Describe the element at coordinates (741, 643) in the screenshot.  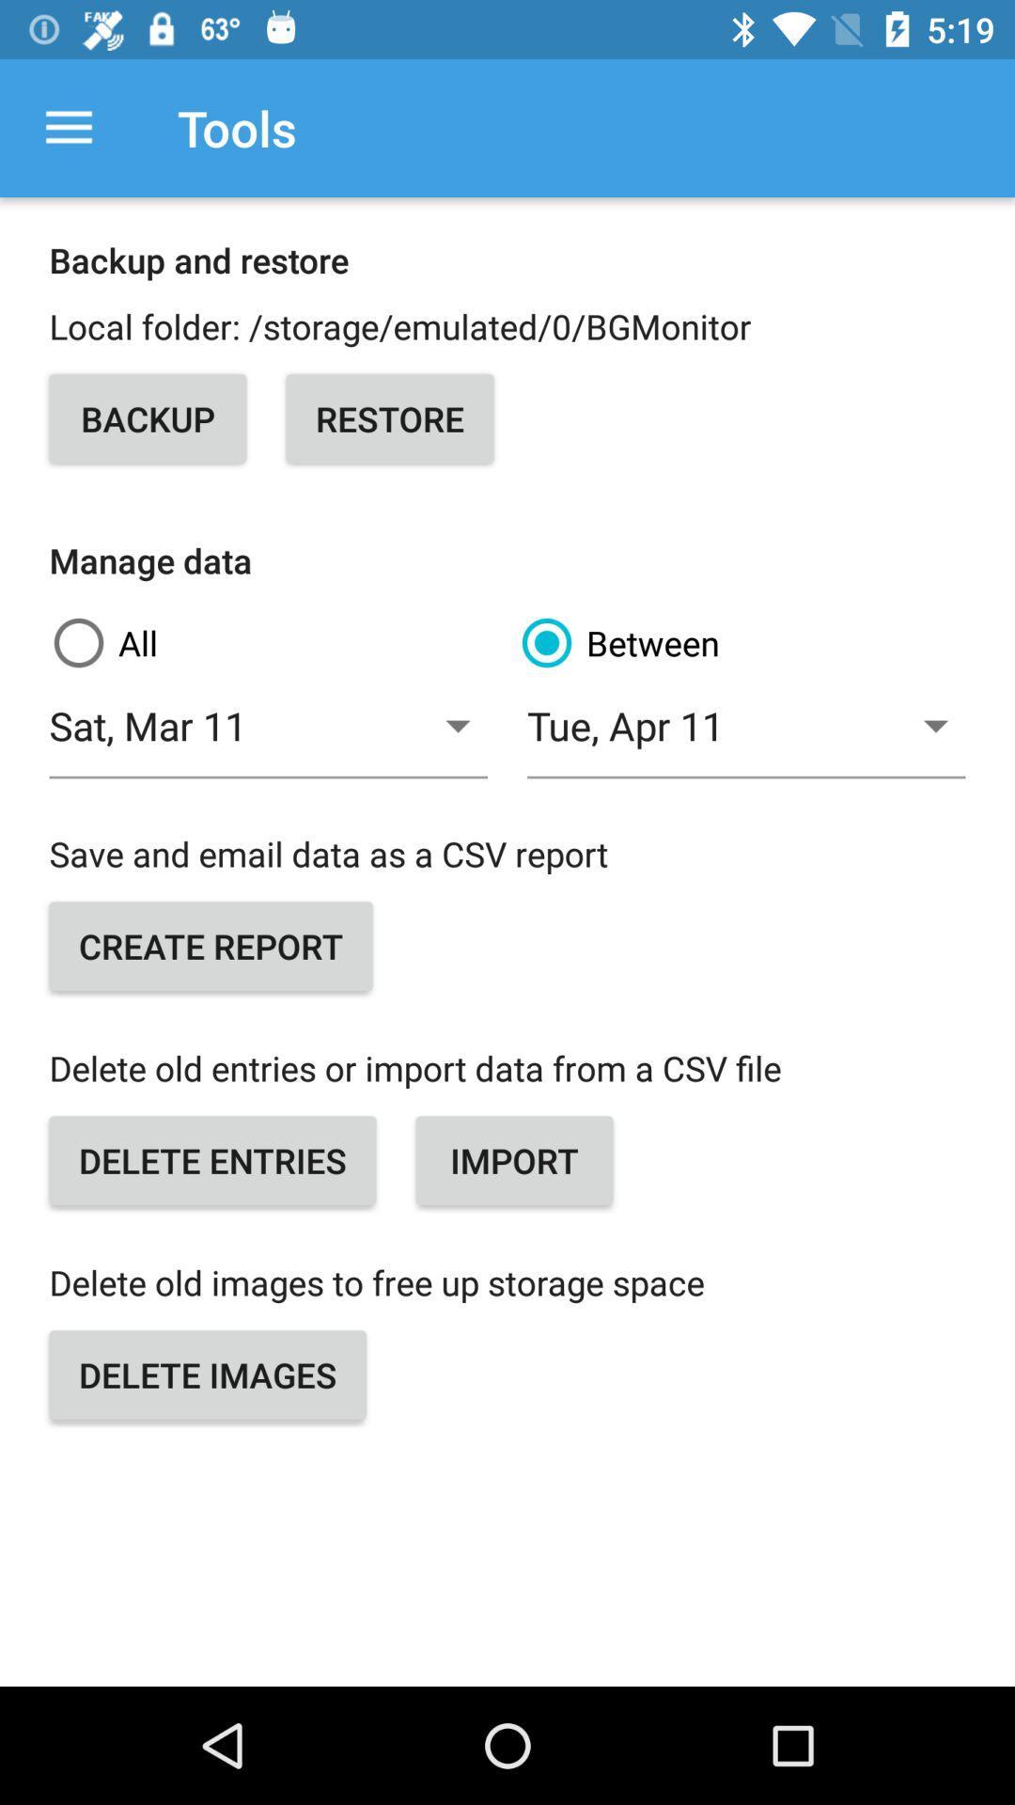
I see `the icon to the right of the all` at that location.